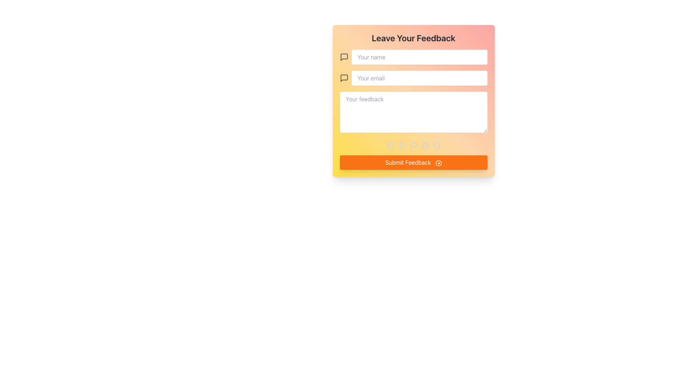 Image resolution: width=695 pixels, height=391 pixels. What do you see at coordinates (413, 78) in the screenshot?
I see `the Email input box with the placeholder 'Your email'` at bounding box center [413, 78].